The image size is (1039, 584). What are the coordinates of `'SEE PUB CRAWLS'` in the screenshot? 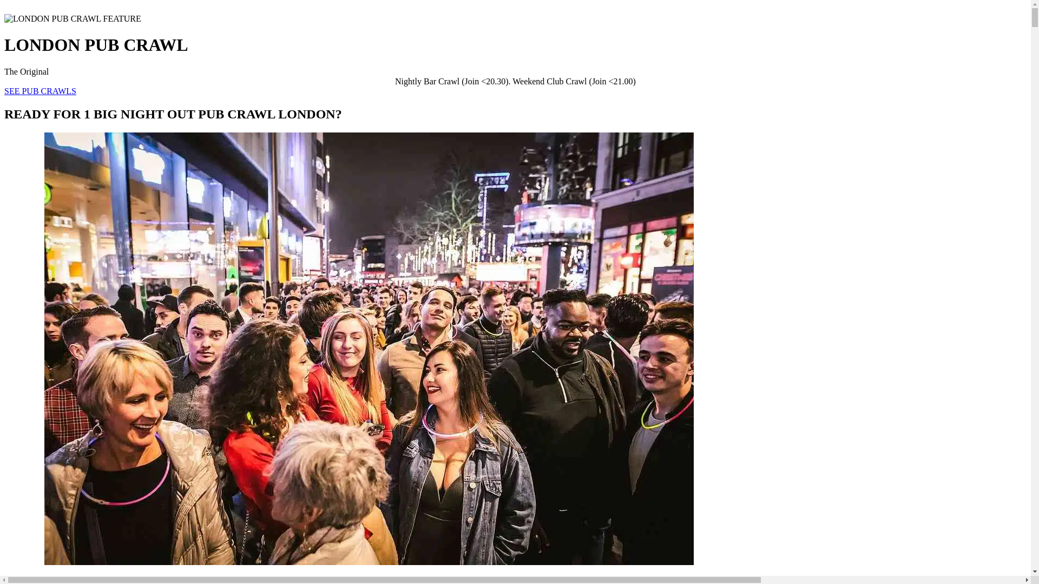 It's located at (40, 90).